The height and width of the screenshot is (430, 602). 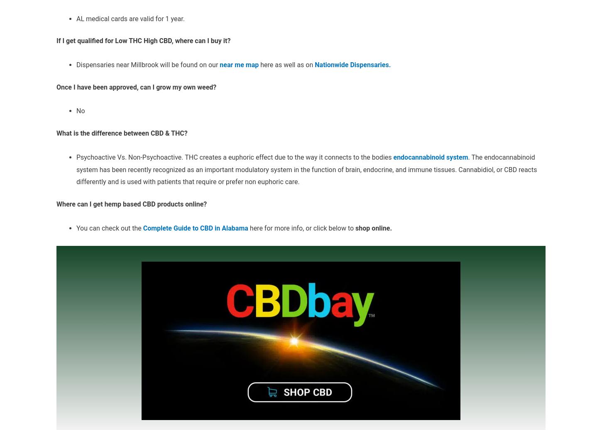 What do you see at coordinates (306, 169) in the screenshot?
I see `'. The endocannabinoid system has been recently recognized as an important modulatory system in the function of brain, endocrine, and immune tissues. Cannabidiol, or CBD reacts differently and is used with patients that require or prefer non euphoric care.'` at bounding box center [306, 169].